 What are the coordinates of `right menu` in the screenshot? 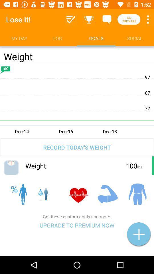 It's located at (71, 19).